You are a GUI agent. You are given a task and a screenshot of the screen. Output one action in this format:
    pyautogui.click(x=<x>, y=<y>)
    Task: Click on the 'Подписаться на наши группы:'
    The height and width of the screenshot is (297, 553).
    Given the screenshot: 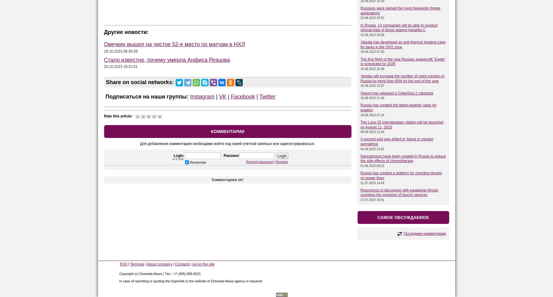 What is the action you would take?
    pyautogui.click(x=103, y=96)
    